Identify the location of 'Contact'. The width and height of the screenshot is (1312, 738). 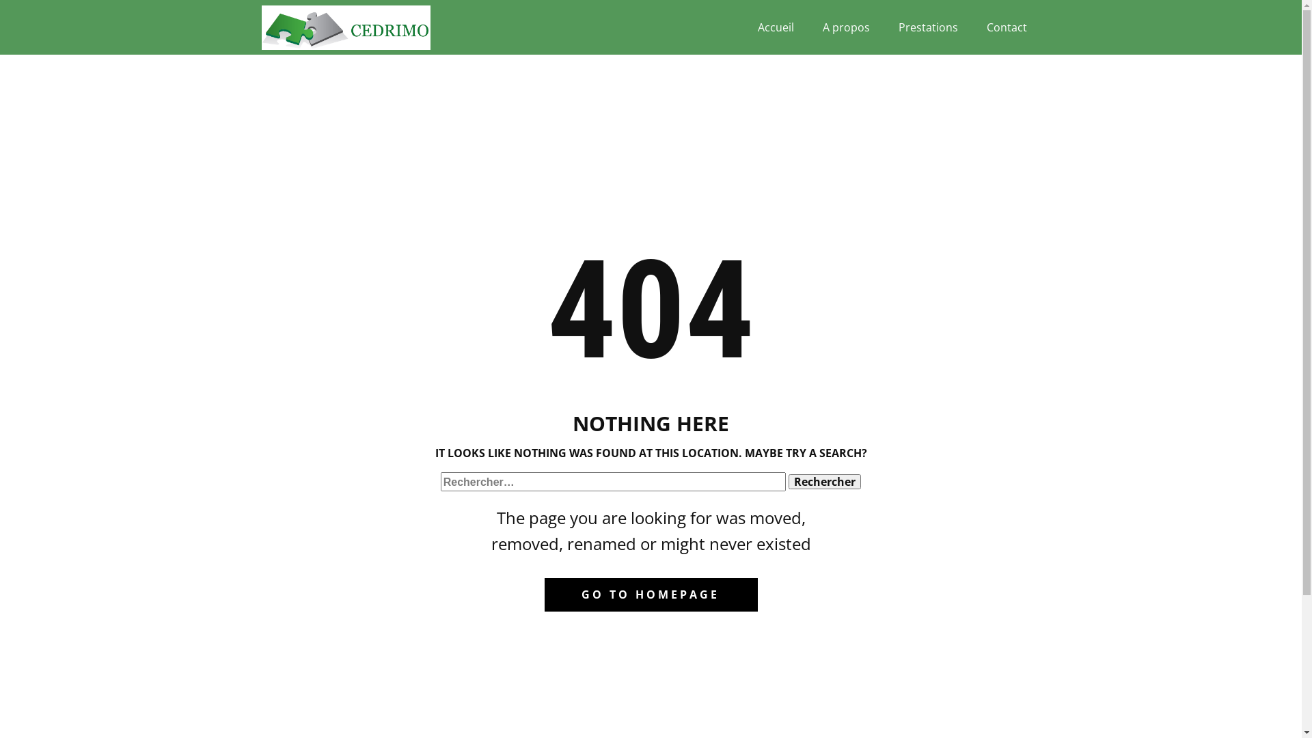
(1007, 27).